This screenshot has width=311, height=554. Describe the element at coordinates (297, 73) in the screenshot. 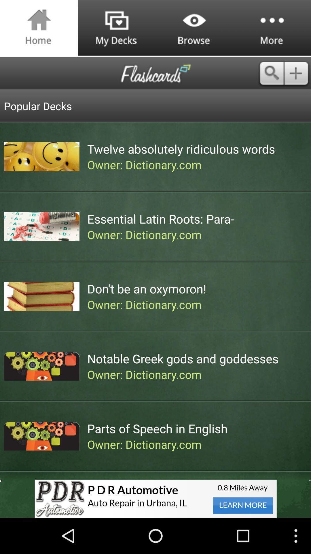

I see `option` at that location.